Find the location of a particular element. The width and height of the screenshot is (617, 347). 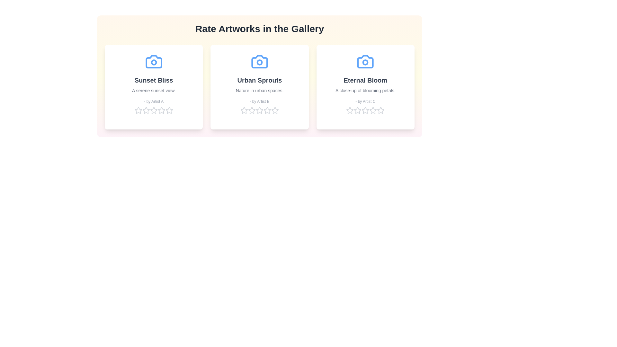

the star corresponding to 1 for the artwork 'Urban Sprouts' to set its rating is located at coordinates (244, 110).